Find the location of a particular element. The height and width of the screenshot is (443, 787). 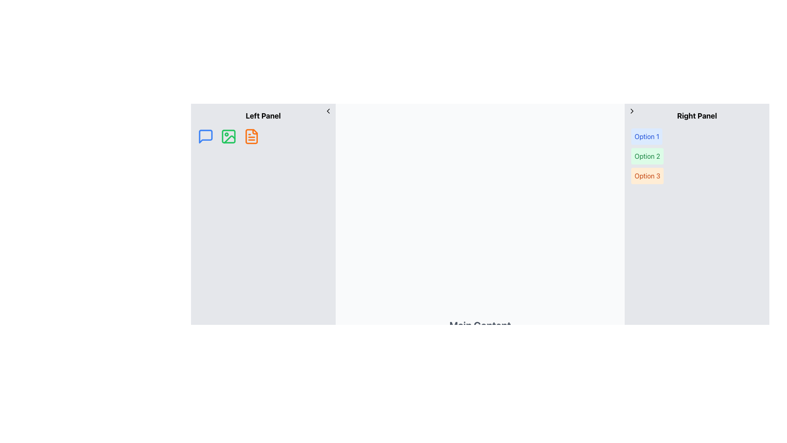

the small left-facing chevron icon located at the top-right corner of the left panel is located at coordinates (328, 111).